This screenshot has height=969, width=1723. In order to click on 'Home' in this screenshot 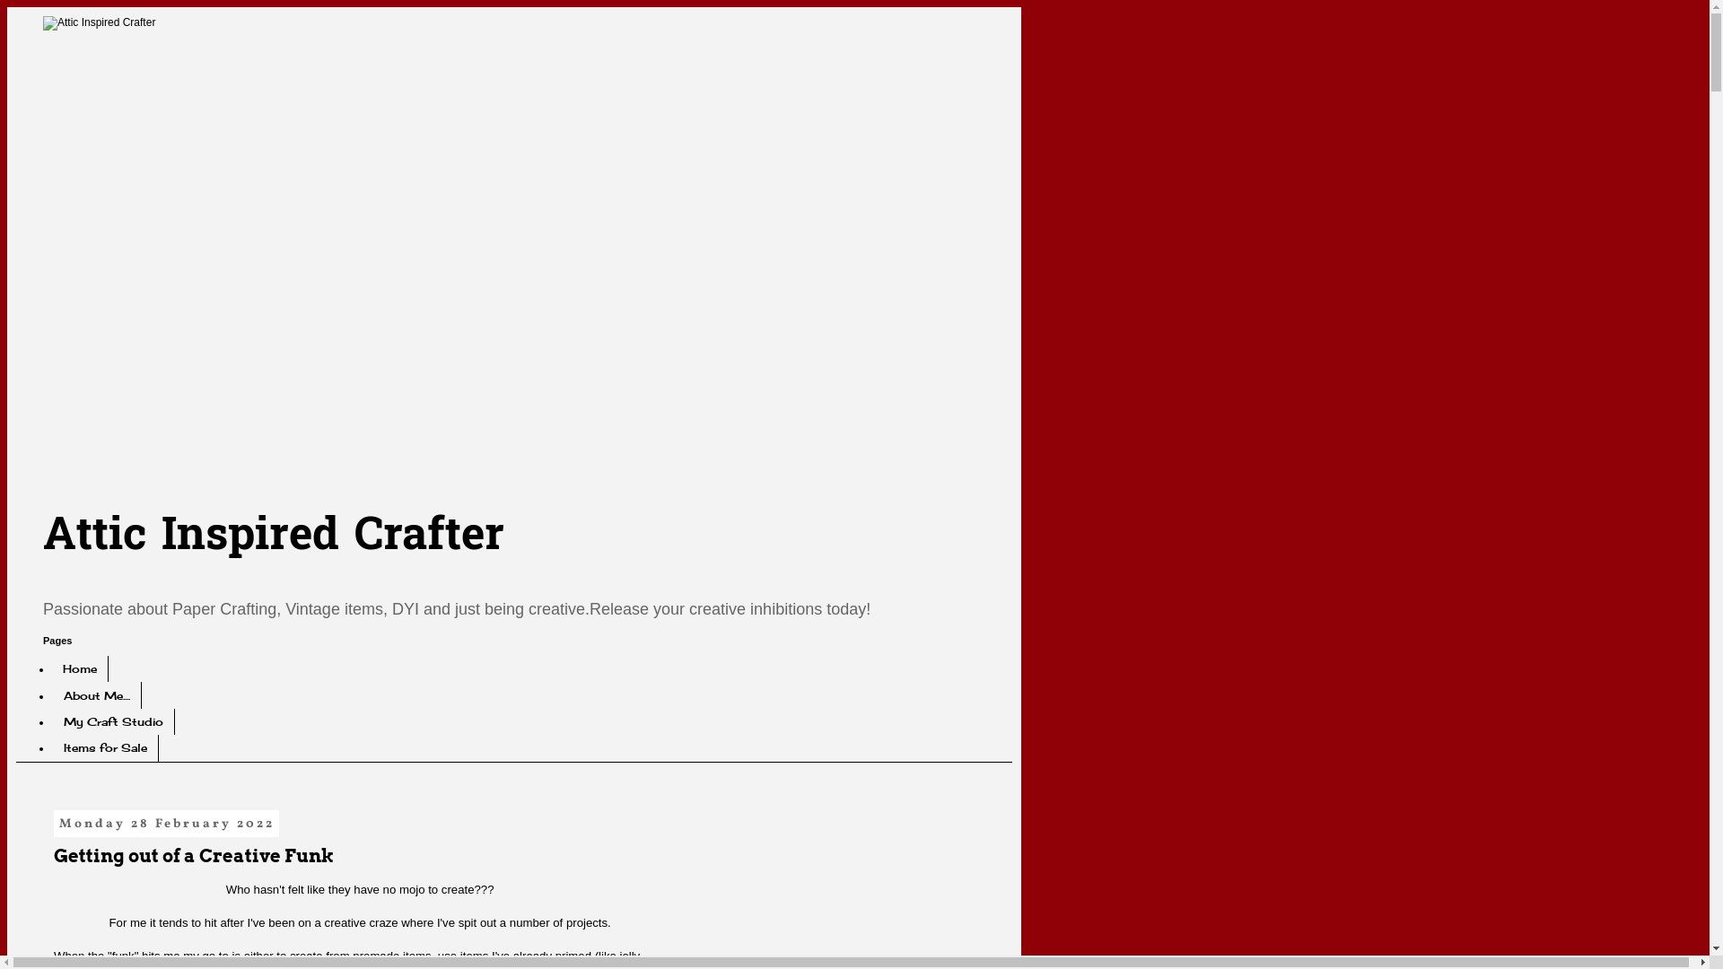, I will do `click(79, 668)`.